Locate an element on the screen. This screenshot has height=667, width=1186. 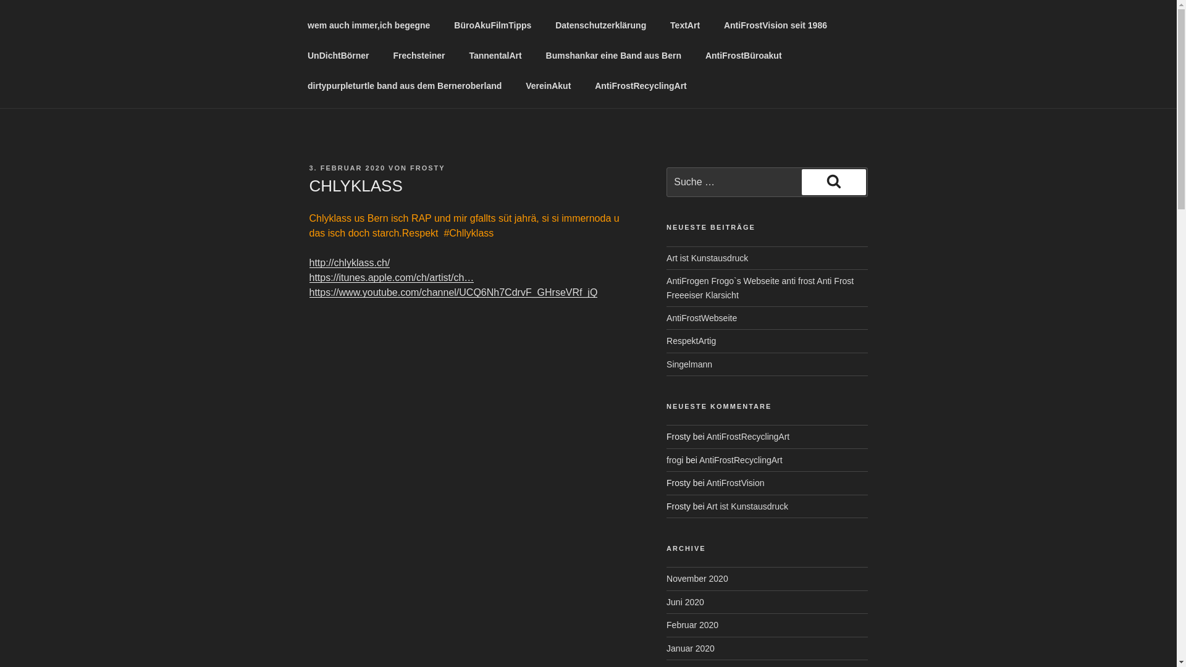
'Suche' is located at coordinates (801, 182).